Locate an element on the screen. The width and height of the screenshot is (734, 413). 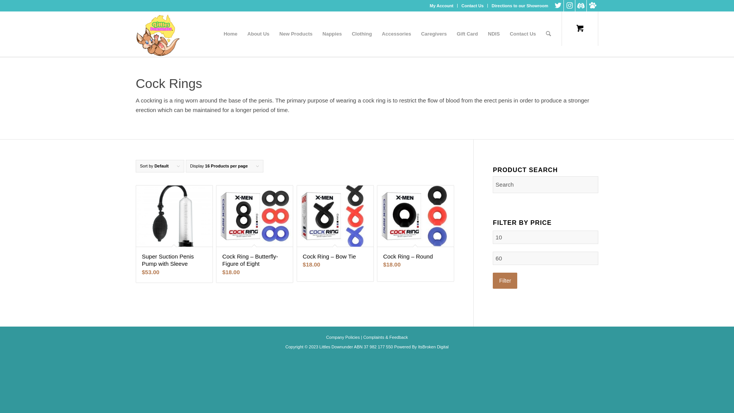
'Directions to our Showroom' is located at coordinates (520, 6).